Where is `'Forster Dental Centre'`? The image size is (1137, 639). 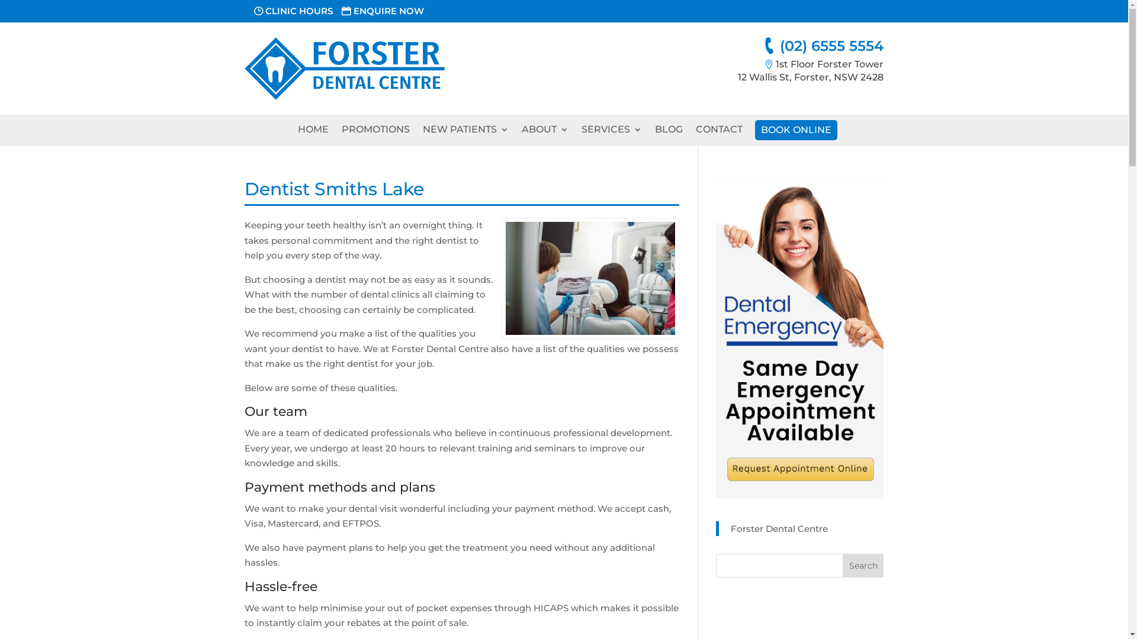 'Forster Dental Centre' is located at coordinates (730, 528).